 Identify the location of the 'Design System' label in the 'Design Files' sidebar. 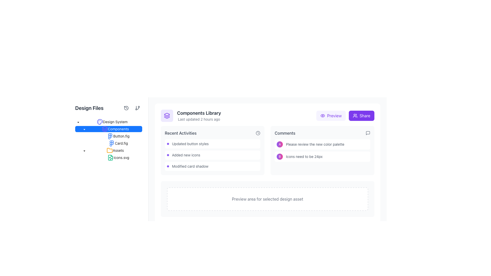
(115, 122).